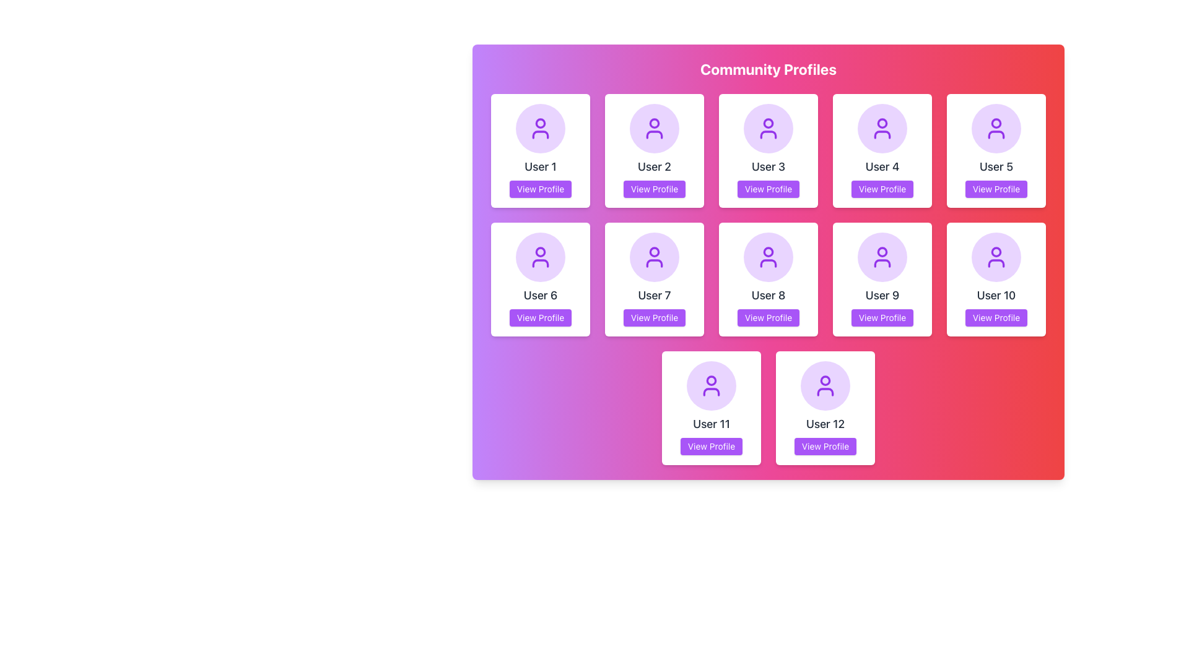 The image size is (1189, 668). Describe the element at coordinates (768, 296) in the screenshot. I see `the text label displaying 'User 8' in bold and dark gray color, located in the eighth profile card of the community profiles grid, positioned below the user icon and above the 'View Profile' button` at that location.